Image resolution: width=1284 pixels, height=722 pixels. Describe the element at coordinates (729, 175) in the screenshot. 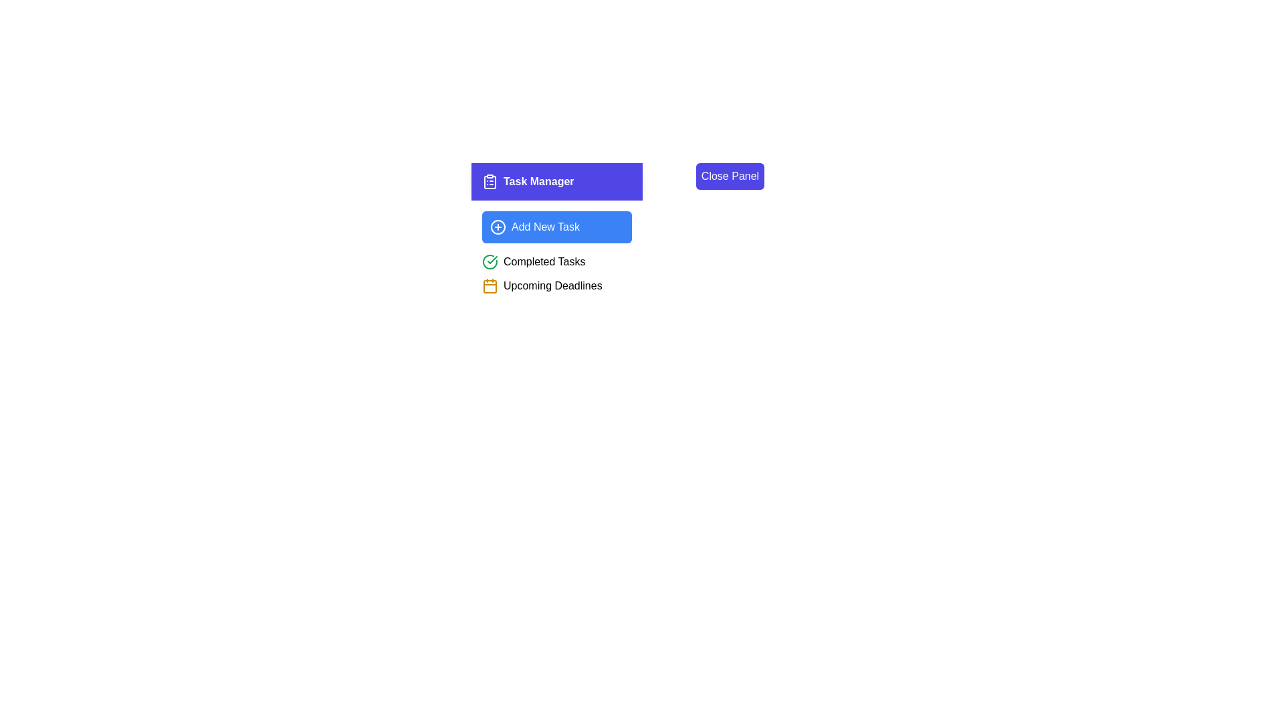

I see `the 'Close Panel' button to toggle the drawer state` at that location.